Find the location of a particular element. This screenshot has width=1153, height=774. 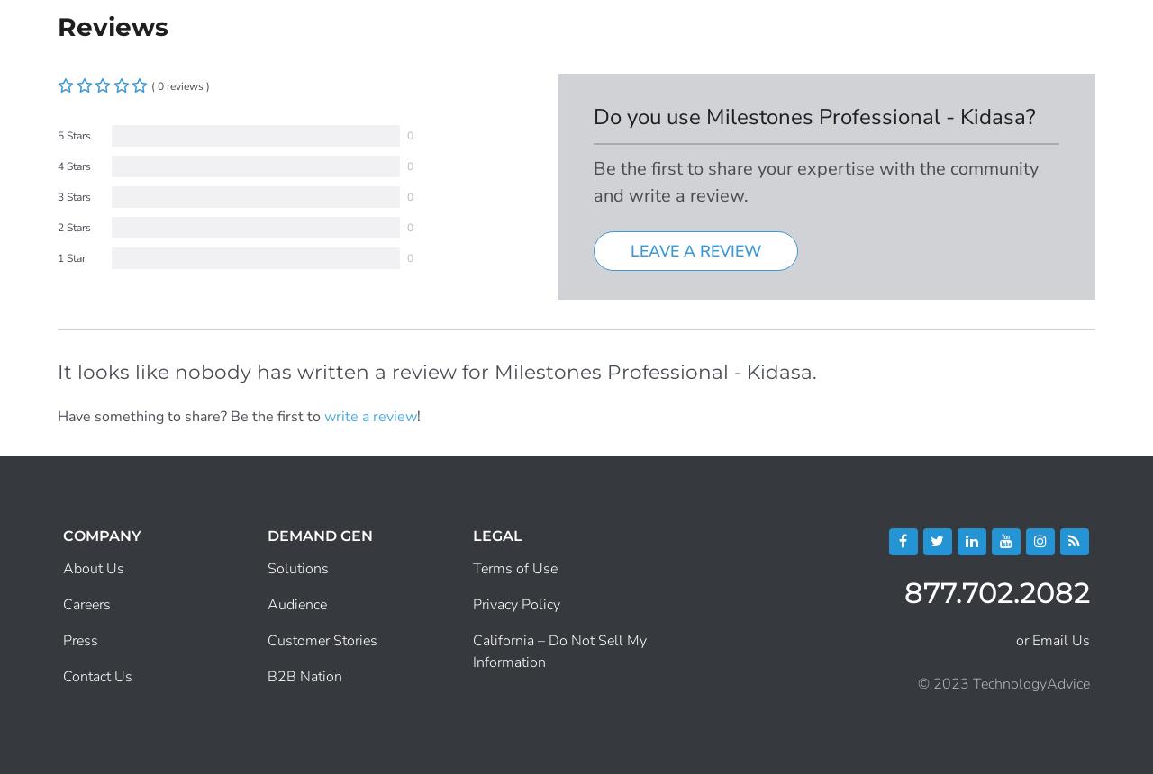

'!' is located at coordinates (418, 415).